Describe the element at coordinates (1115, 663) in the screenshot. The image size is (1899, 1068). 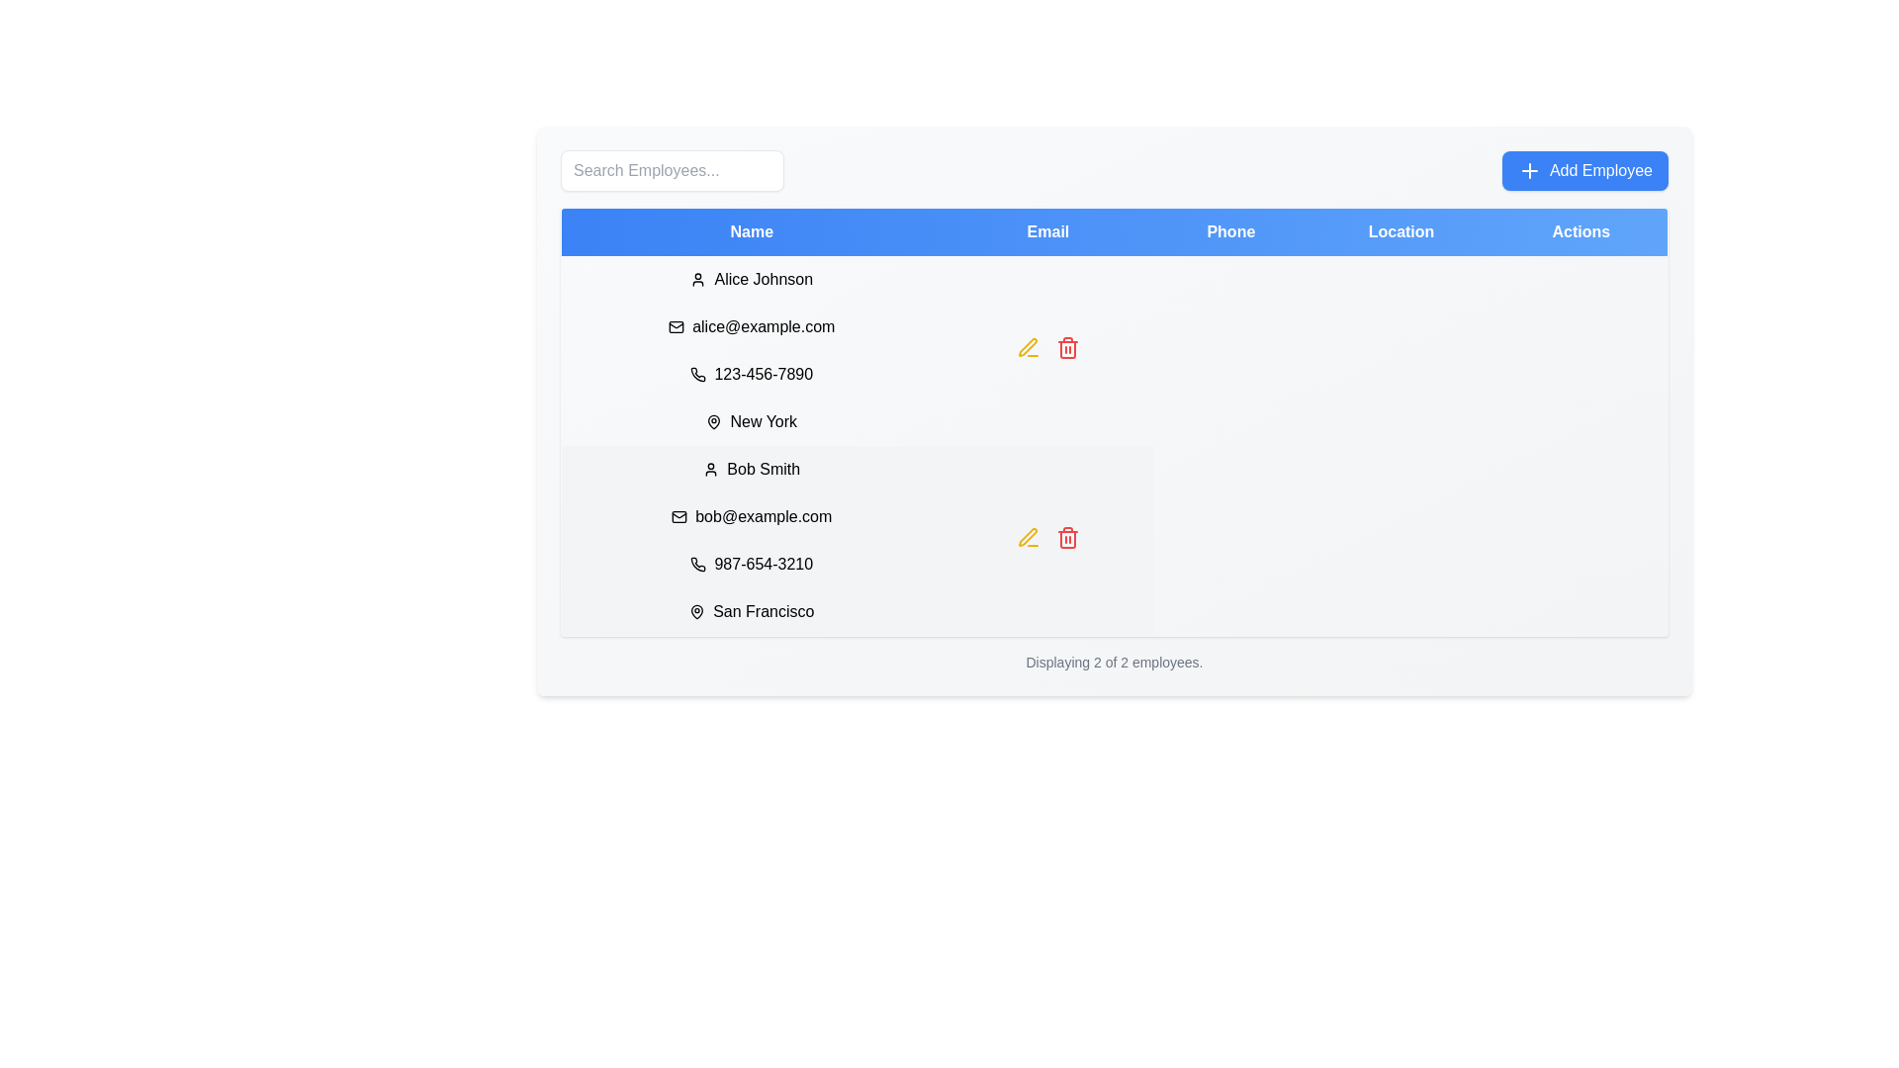
I see `the static informational text at the bottom of the employee listing interface, which summarizes the number of employees displayed` at that location.